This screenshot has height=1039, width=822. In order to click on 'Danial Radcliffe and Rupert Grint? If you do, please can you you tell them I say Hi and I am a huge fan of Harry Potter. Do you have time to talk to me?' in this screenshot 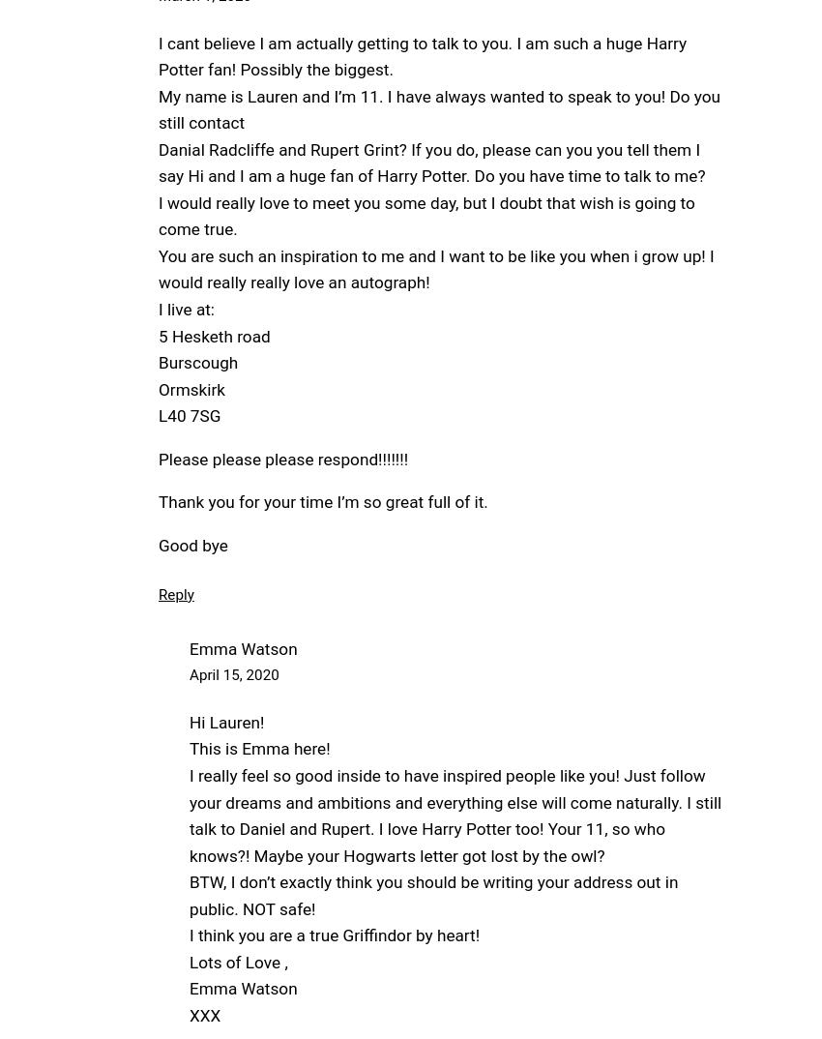, I will do `click(430, 162)`.